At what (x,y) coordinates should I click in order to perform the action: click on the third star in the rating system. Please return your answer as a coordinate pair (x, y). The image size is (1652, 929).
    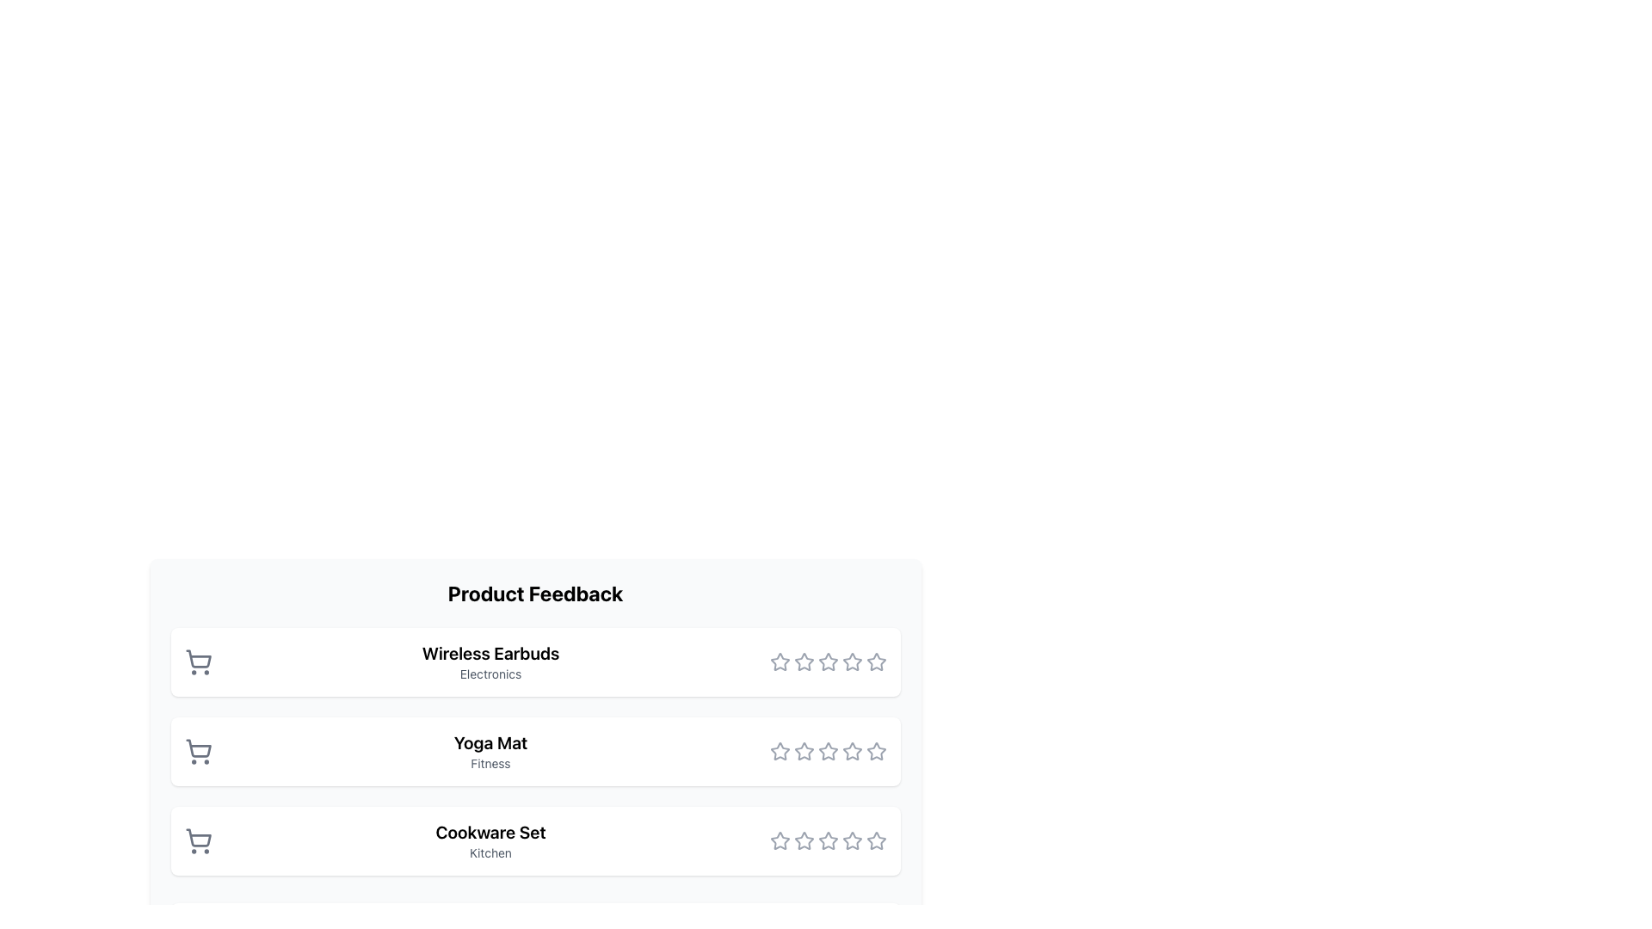
    Looking at the image, I should click on (828, 751).